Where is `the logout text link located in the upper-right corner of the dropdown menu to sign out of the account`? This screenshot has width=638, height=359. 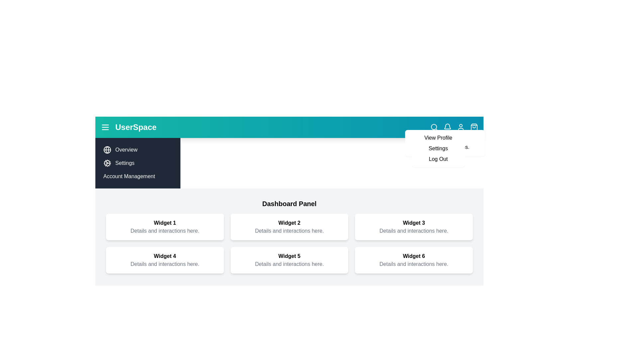
the logout text link located in the upper-right corner of the dropdown menu to sign out of the account is located at coordinates (438, 159).